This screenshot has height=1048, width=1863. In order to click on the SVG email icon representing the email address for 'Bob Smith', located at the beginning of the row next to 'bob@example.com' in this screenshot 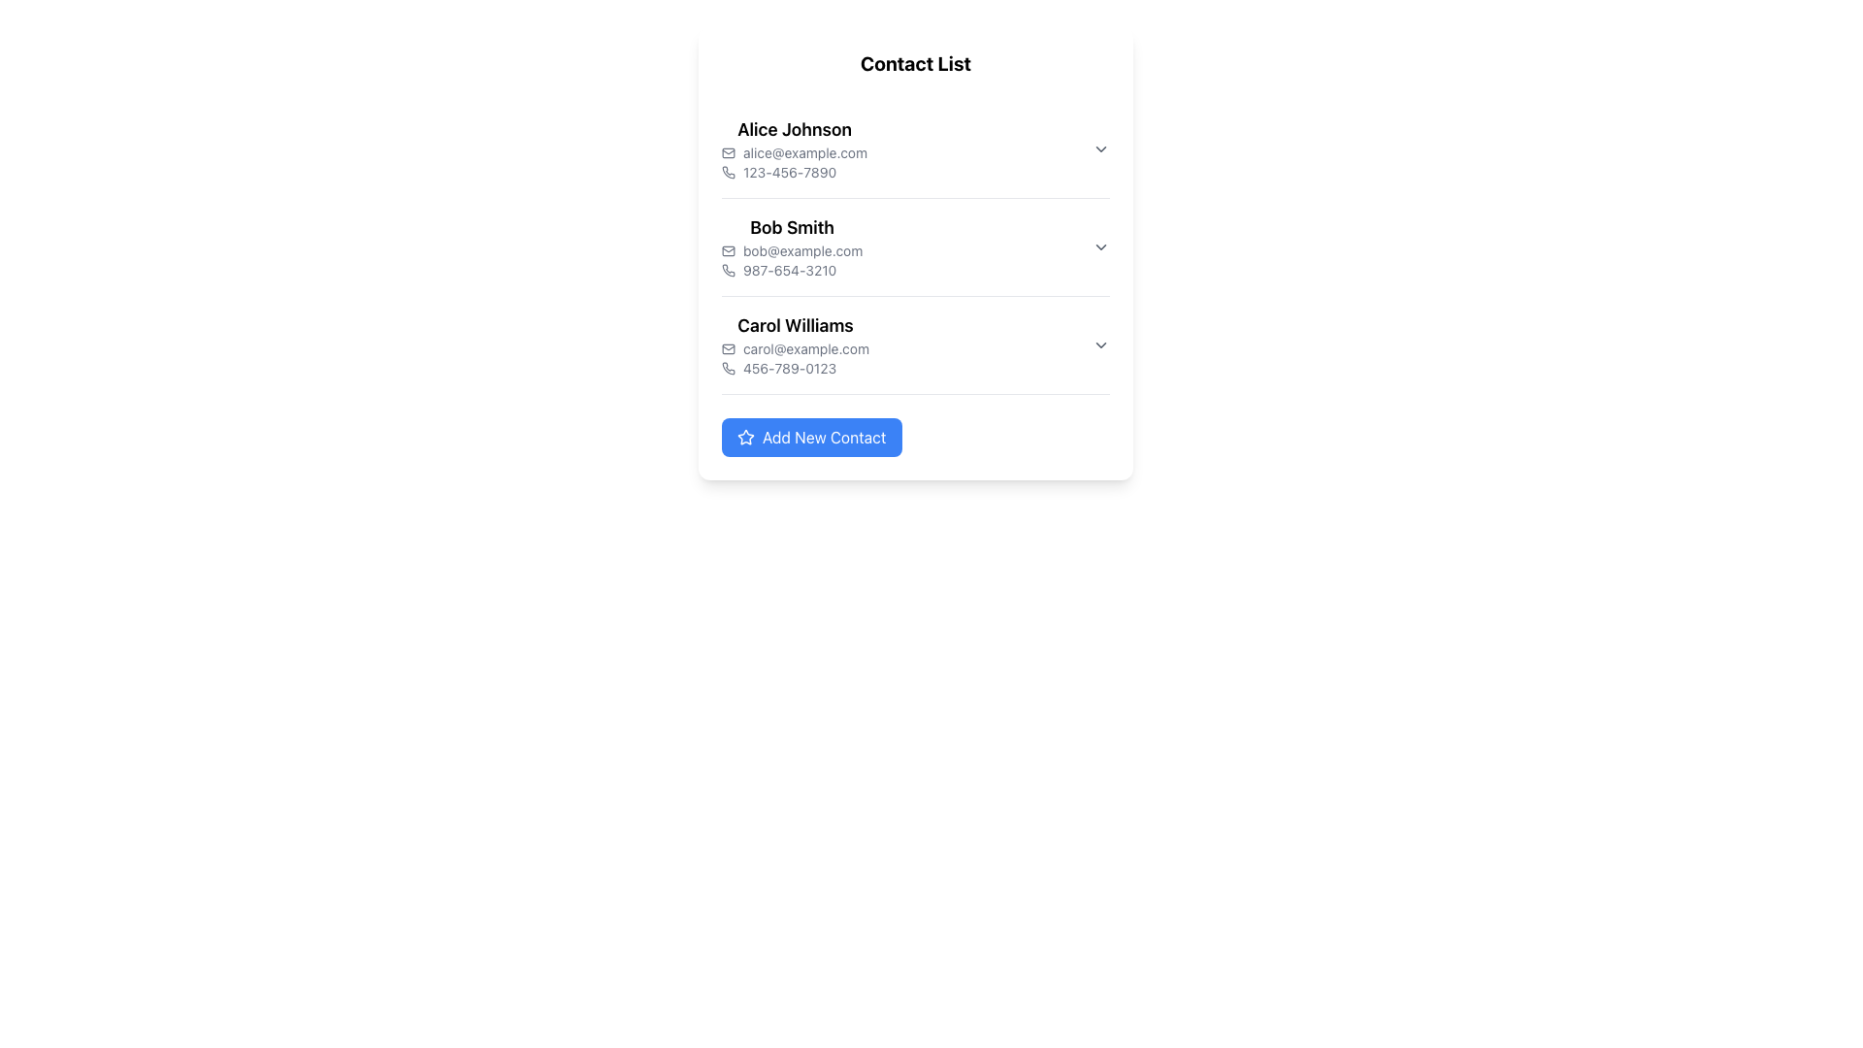, I will do `click(727, 249)`.